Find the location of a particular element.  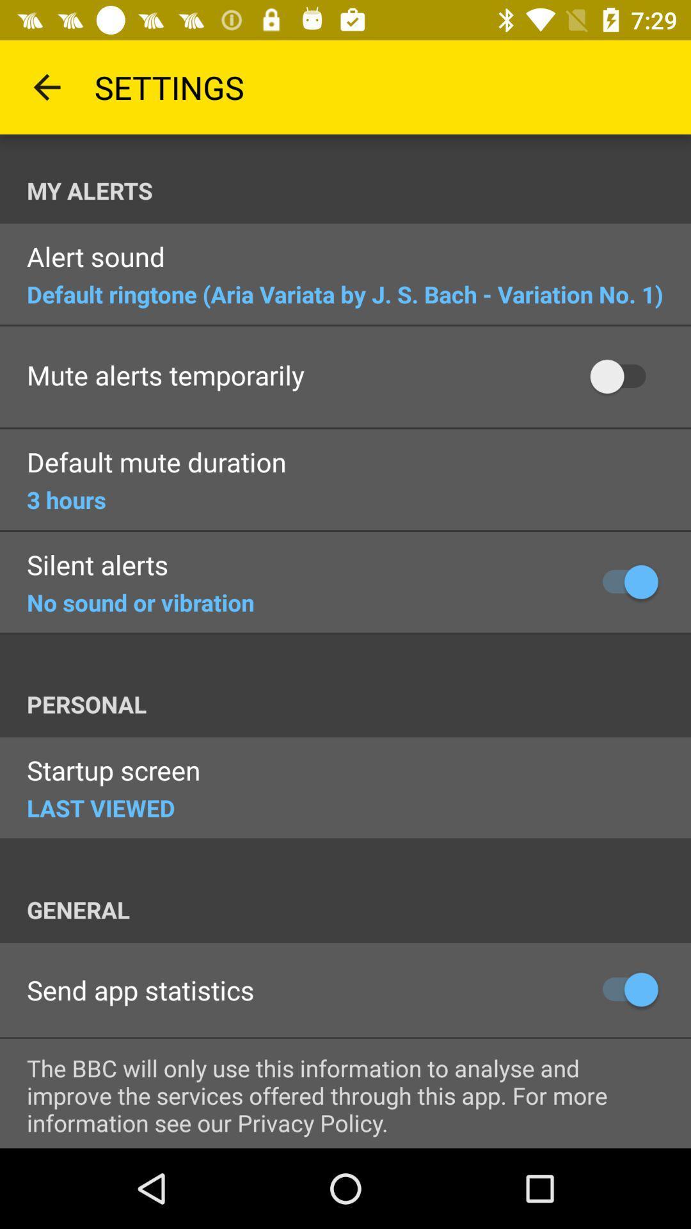

the item below the silent alerts item is located at coordinates (140, 602).